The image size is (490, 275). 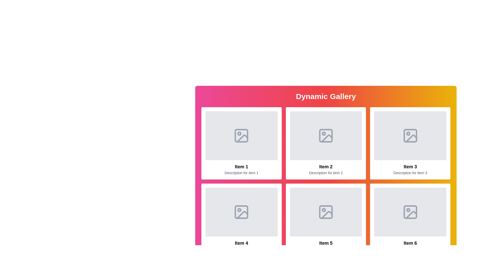 I want to click on the icon in the second column of the top row in the grid layout, which serves as a placeholder for an image, so click(x=325, y=135).